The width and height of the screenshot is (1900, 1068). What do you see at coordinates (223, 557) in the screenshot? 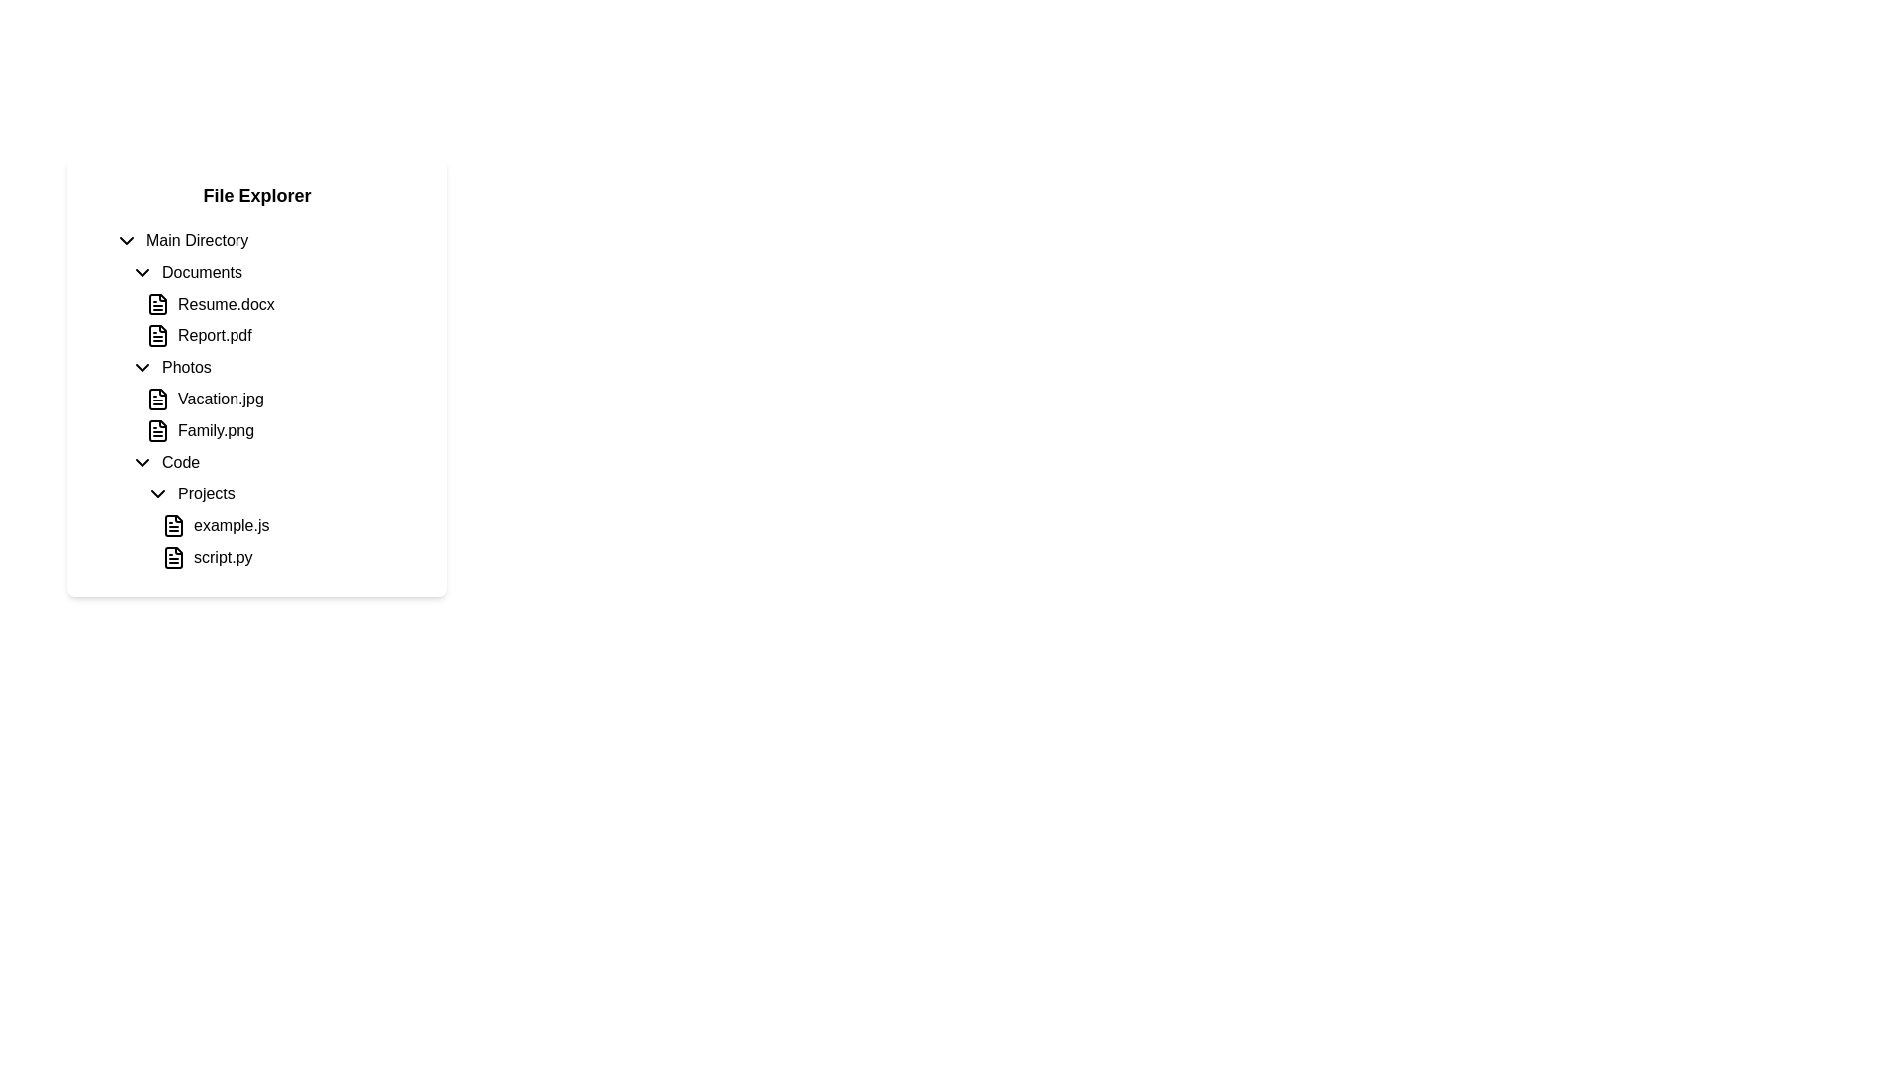
I see `the text label displaying 'script.py' located within the 'Code' directory under 'Projects'` at bounding box center [223, 557].